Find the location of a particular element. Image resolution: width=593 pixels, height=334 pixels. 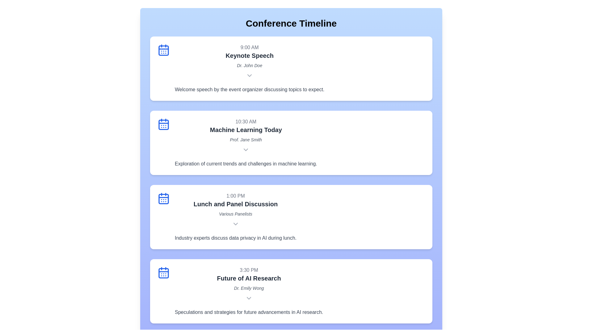

text content of the text label displaying the name of the presenter or author for the event 'Machine Learning Today', positioned below the title and above the description is located at coordinates (246, 139).